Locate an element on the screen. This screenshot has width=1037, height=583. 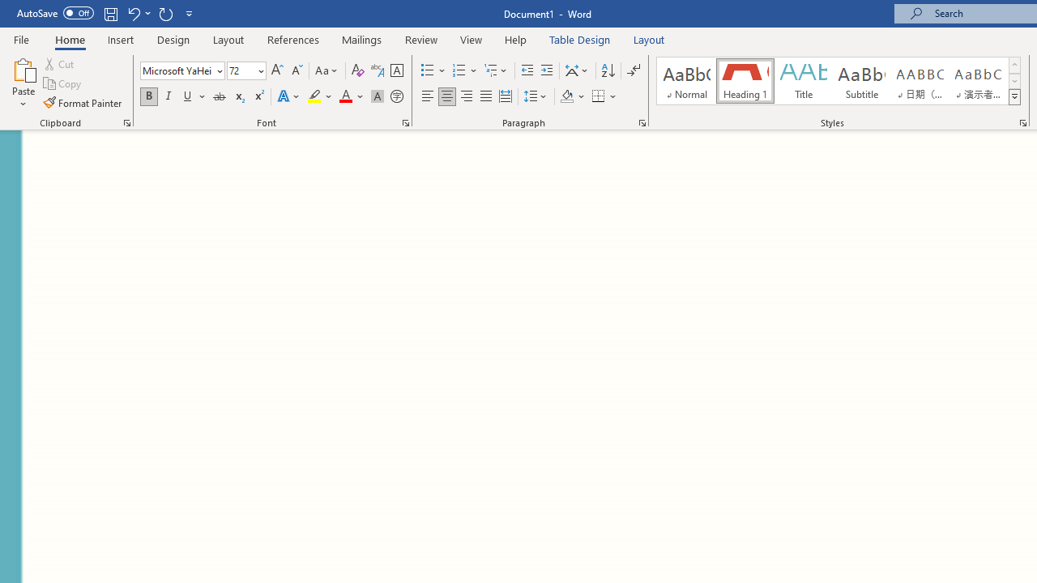
'System' is located at coordinates (8, 9).